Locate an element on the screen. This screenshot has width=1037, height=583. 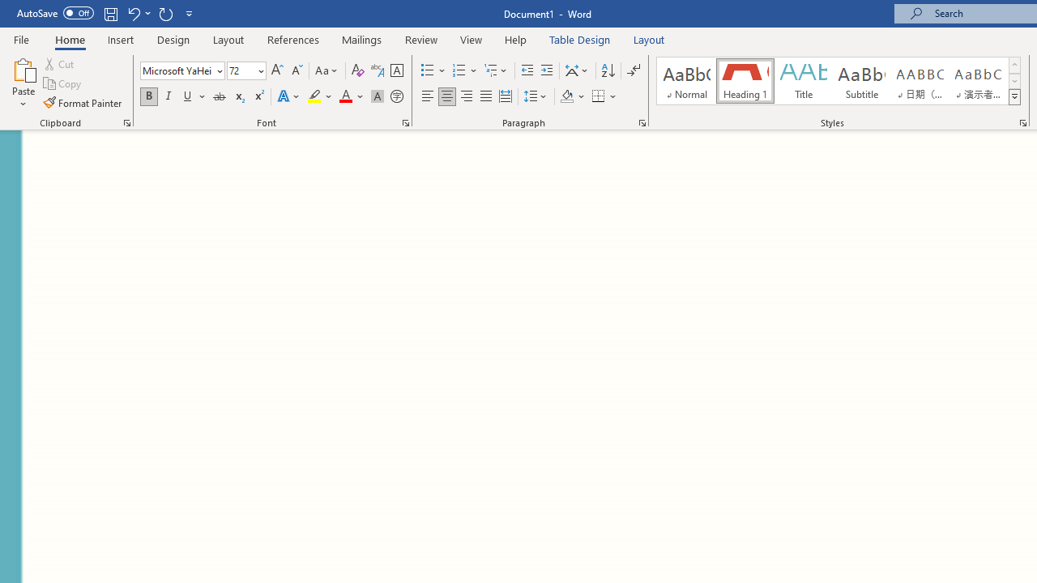
'System' is located at coordinates (8, 9).